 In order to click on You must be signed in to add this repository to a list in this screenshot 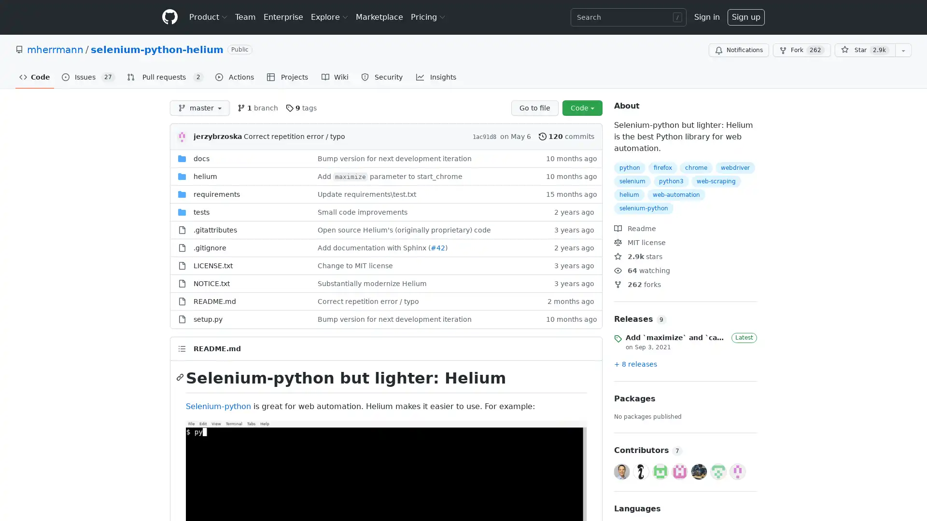, I will do `click(903, 50)`.